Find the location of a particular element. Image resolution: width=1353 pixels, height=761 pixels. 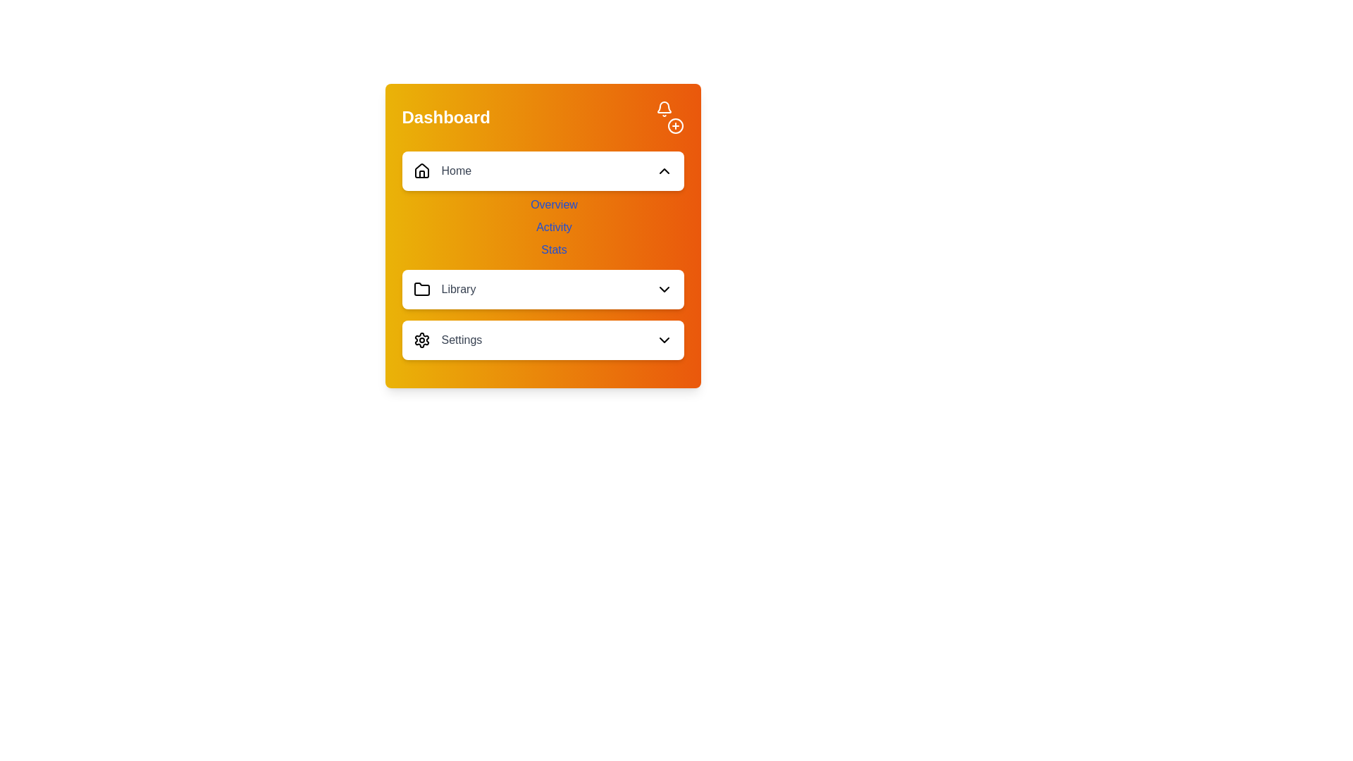

the group of three hyperlink texts labeled 'Overview', 'Activity', and 'Stats' is located at coordinates (542, 261).